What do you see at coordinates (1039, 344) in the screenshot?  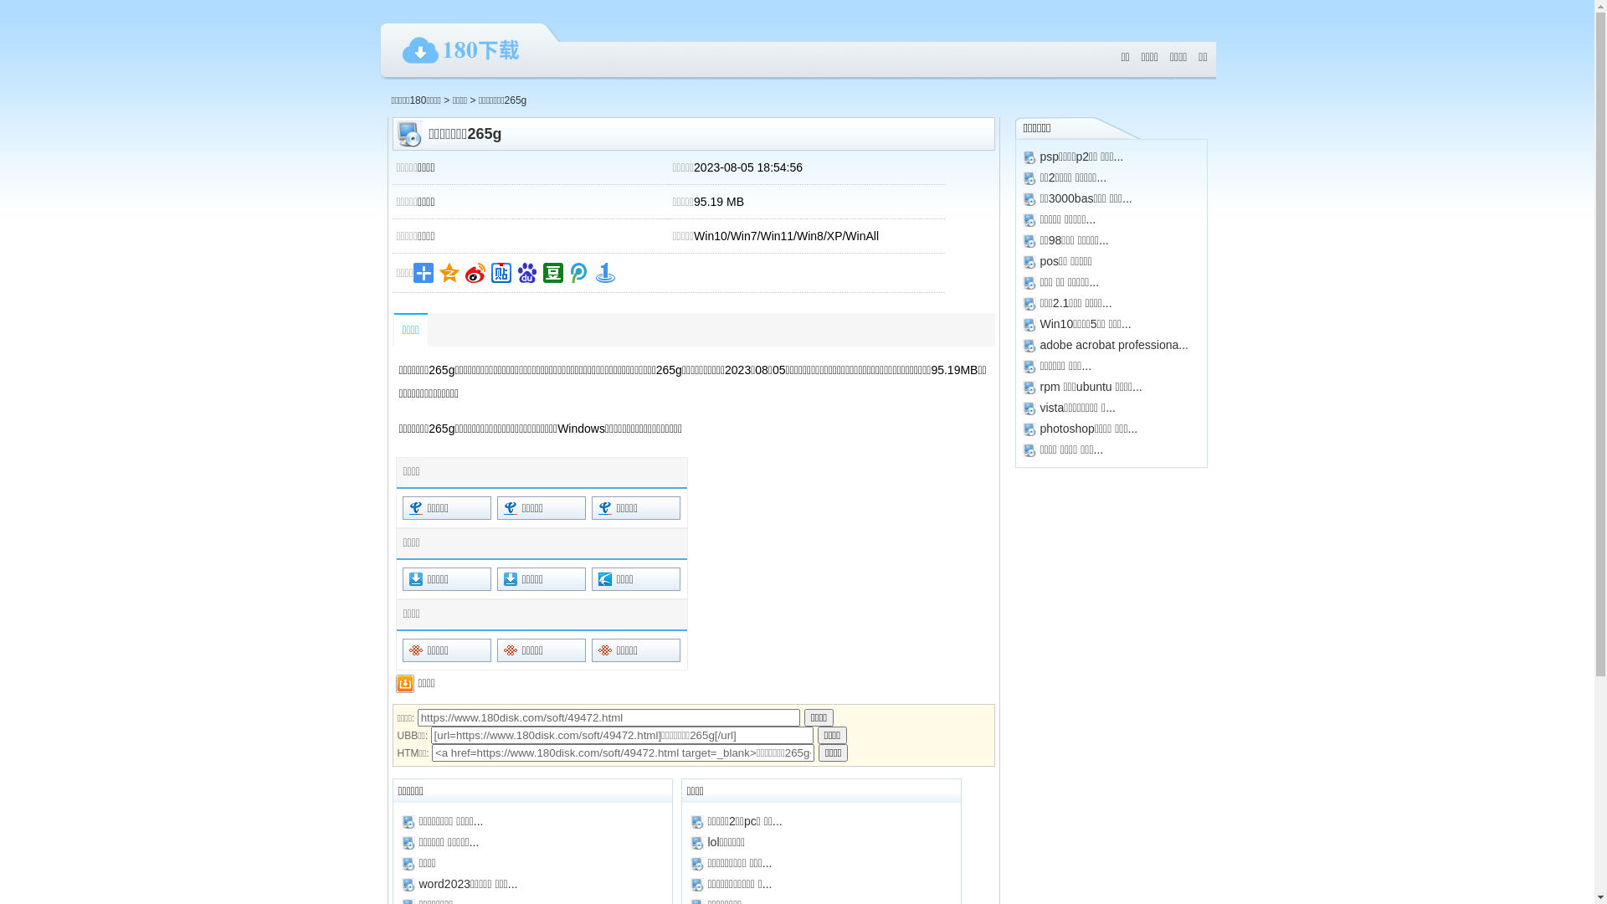 I see `'adobe acrobat professiona...'` at bounding box center [1039, 344].